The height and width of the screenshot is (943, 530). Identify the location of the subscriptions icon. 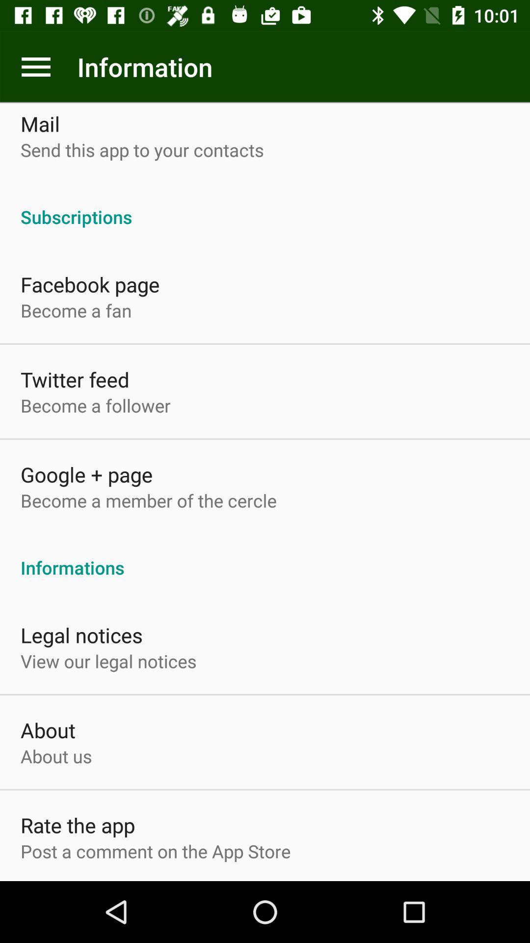
(265, 206).